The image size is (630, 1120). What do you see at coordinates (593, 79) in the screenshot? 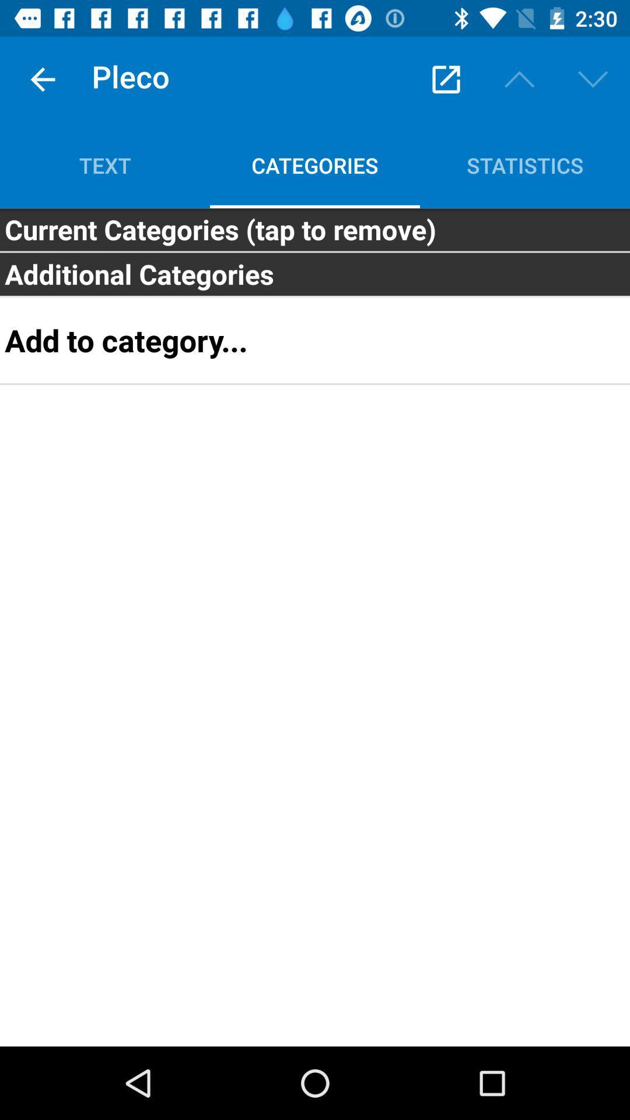
I see `the icon above statistics icon` at bounding box center [593, 79].